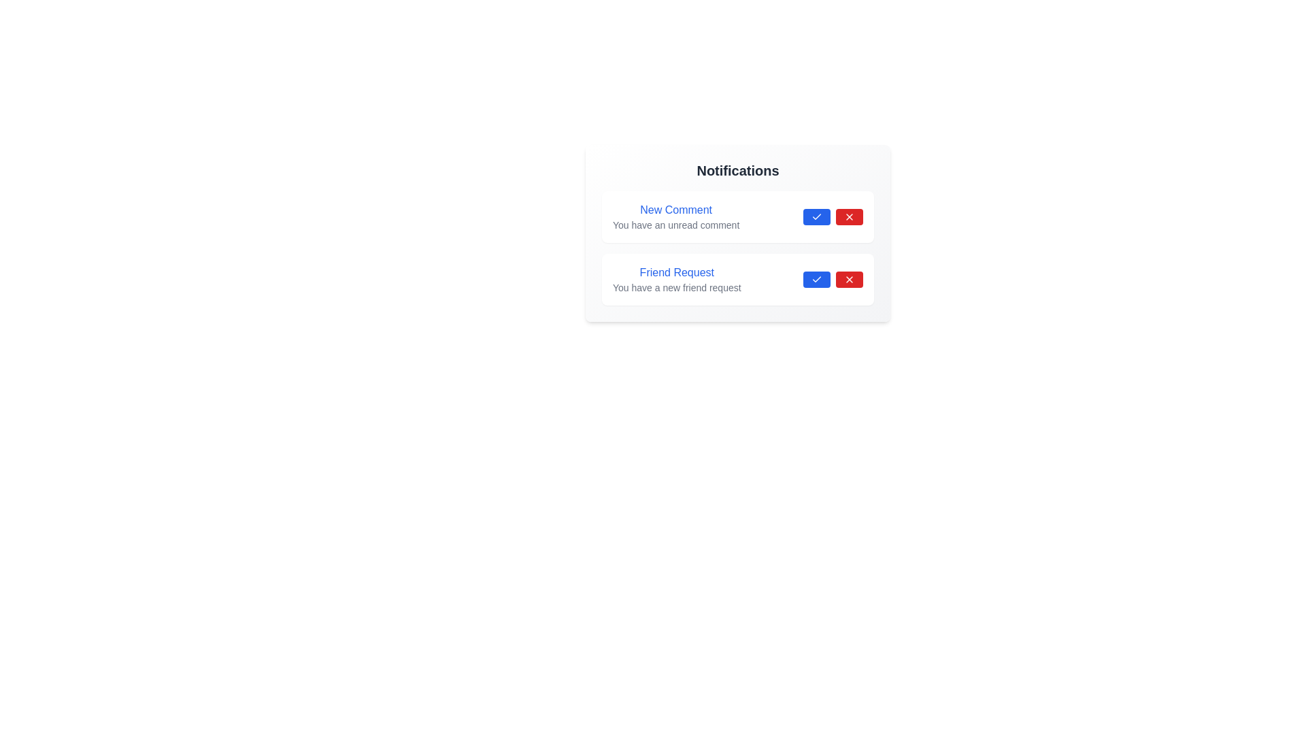 The width and height of the screenshot is (1306, 735). I want to click on the dismiss button located to the right of the blue check mark in the 'New Comment' notification card, so click(848, 216).